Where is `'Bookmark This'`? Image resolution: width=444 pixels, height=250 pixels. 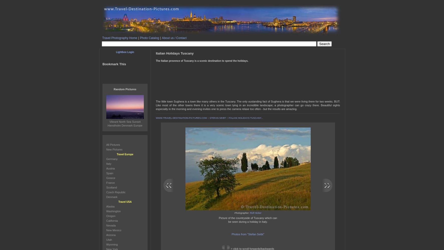
'Bookmark This' is located at coordinates (102, 64).